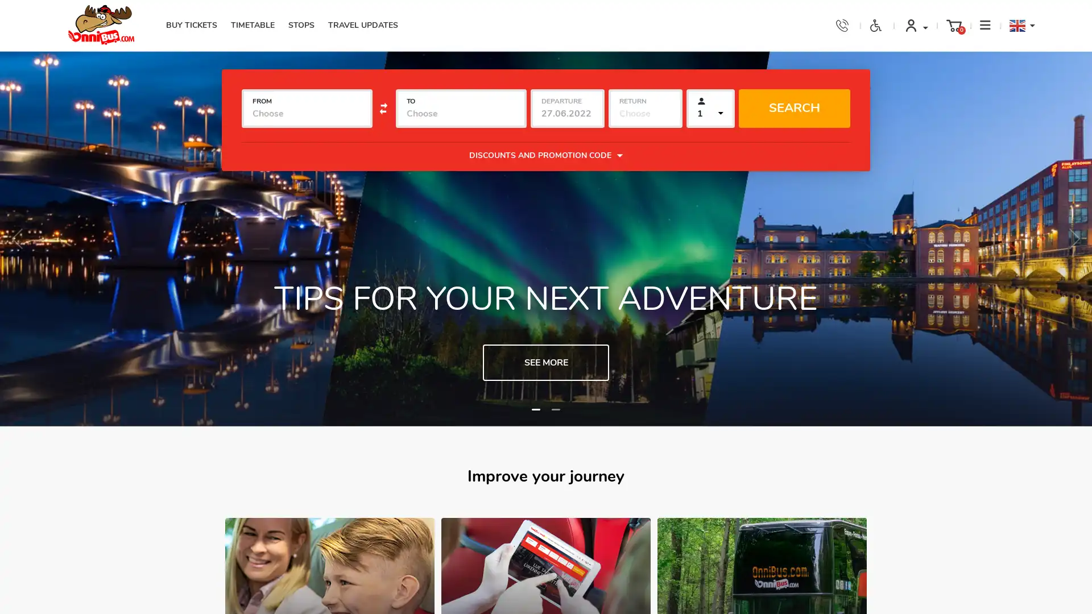 Image resolution: width=1092 pixels, height=614 pixels. I want to click on Swap cities, so click(383, 108).